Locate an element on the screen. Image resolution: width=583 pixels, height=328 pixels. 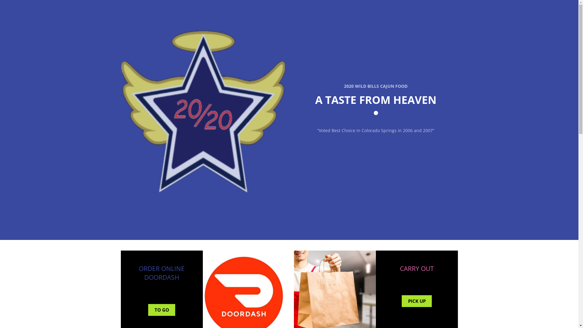
'DOORDASH' is located at coordinates (162, 277).